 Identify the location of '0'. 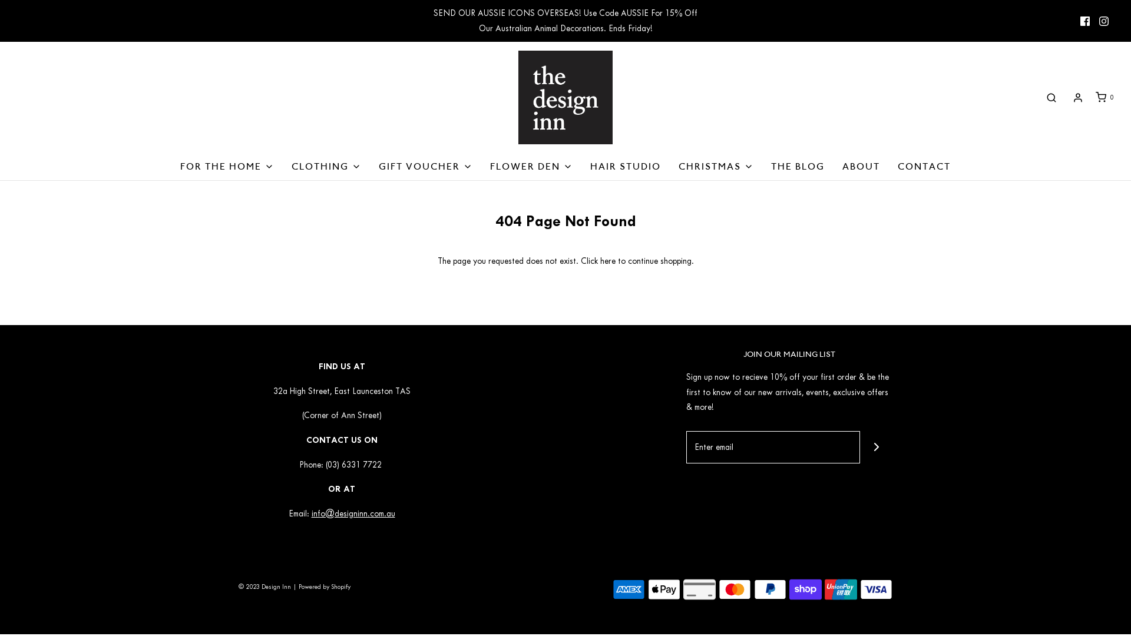
(1103, 97).